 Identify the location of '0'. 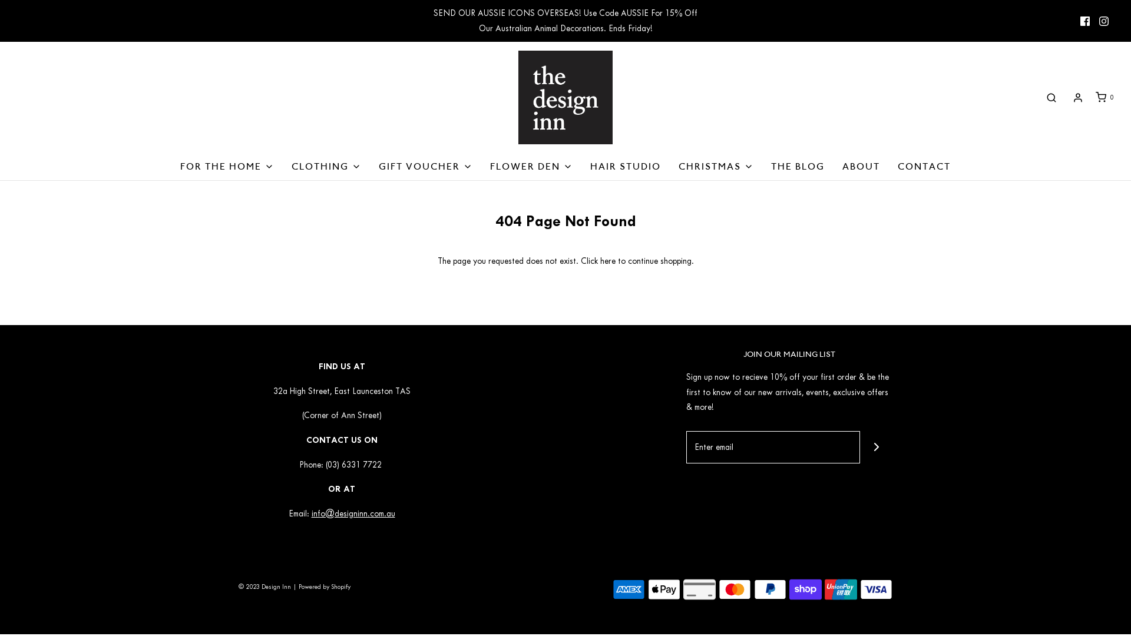
(1103, 97).